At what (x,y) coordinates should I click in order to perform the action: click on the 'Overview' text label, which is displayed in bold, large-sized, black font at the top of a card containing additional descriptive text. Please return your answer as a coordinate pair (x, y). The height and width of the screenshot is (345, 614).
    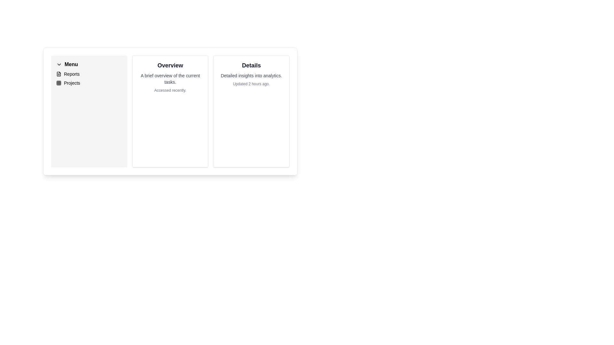
    Looking at the image, I should click on (170, 65).